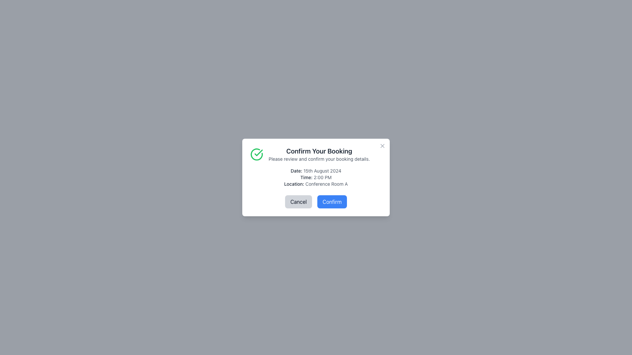 This screenshot has width=632, height=355. Describe the element at coordinates (256, 154) in the screenshot. I see `the green circular icon with a checkmark that indicates success, located near the title text 'Confirm Your Booking'` at that location.